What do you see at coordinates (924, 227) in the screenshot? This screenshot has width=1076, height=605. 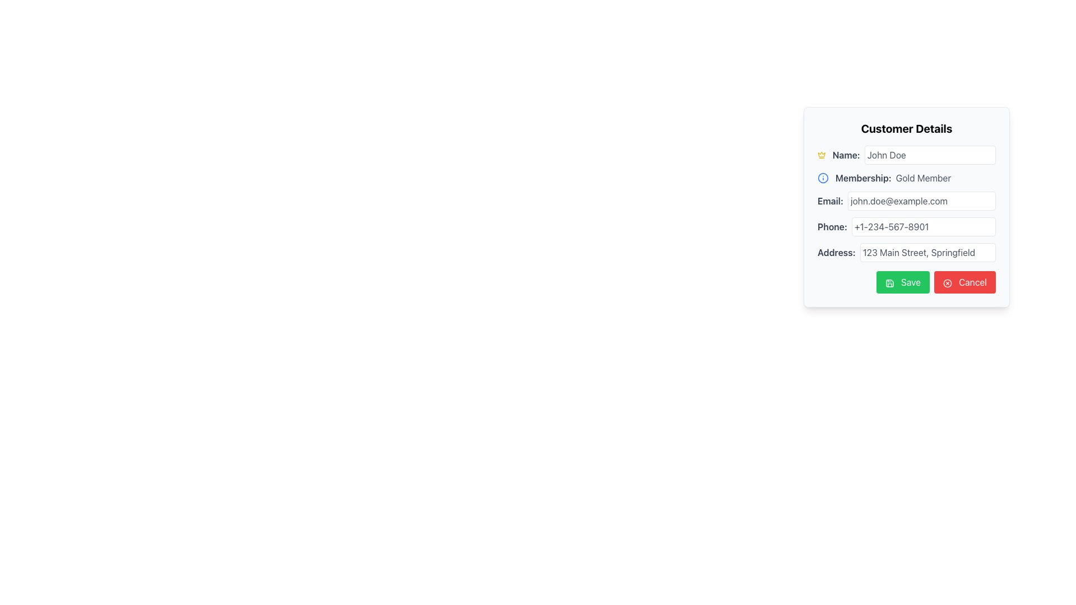 I see `the phone number input field` at bounding box center [924, 227].